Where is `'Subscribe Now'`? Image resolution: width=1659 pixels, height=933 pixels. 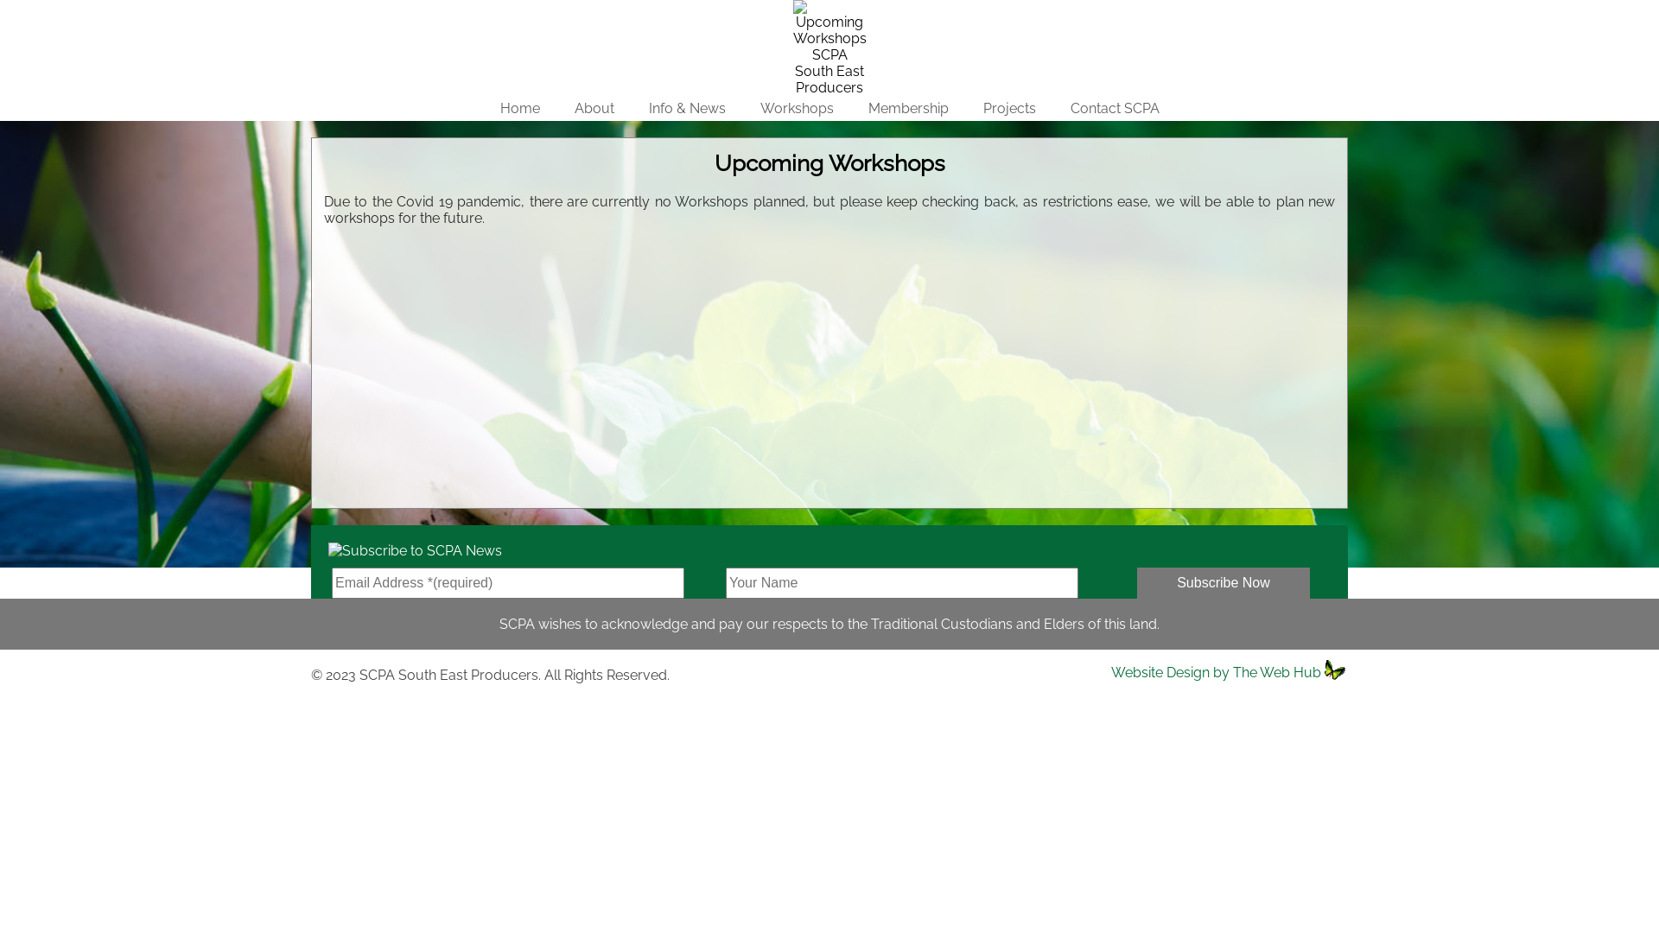 'Subscribe Now' is located at coordinates (1223, 583).